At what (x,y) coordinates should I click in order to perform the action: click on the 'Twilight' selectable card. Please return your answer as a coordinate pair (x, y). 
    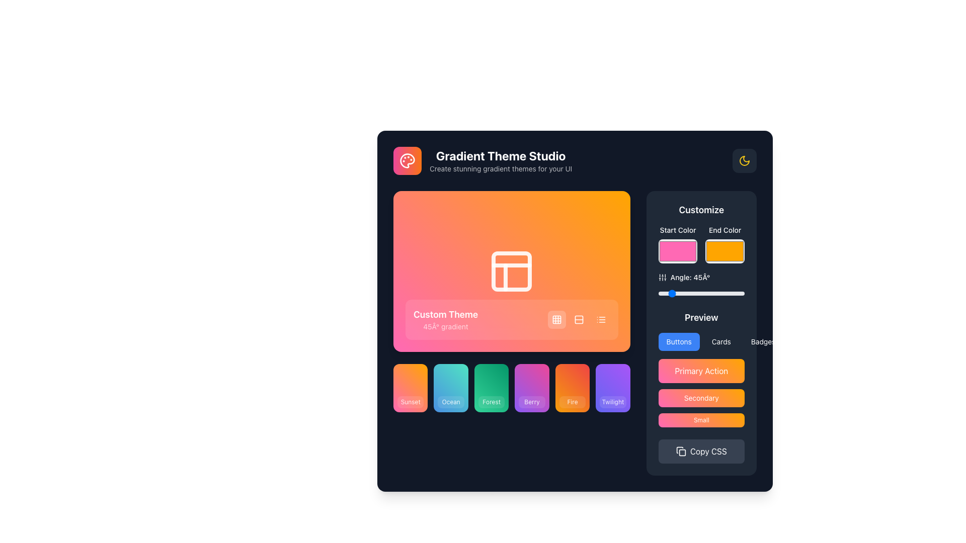
    Looking at the image, I should click on (612, 387).